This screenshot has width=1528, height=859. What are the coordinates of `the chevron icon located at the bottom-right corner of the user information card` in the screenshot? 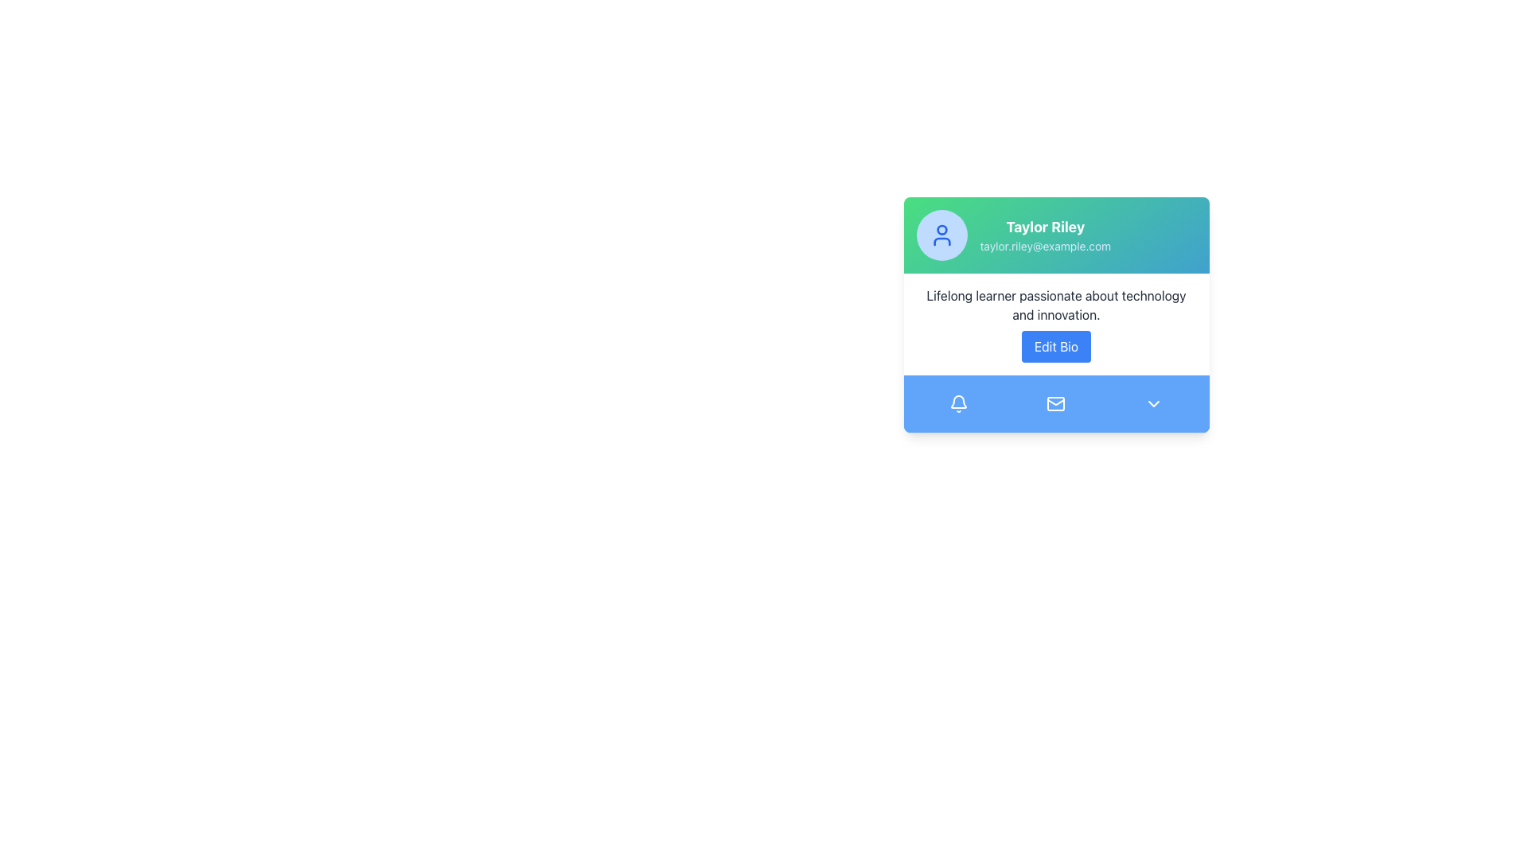 It's located at (1154, 403).